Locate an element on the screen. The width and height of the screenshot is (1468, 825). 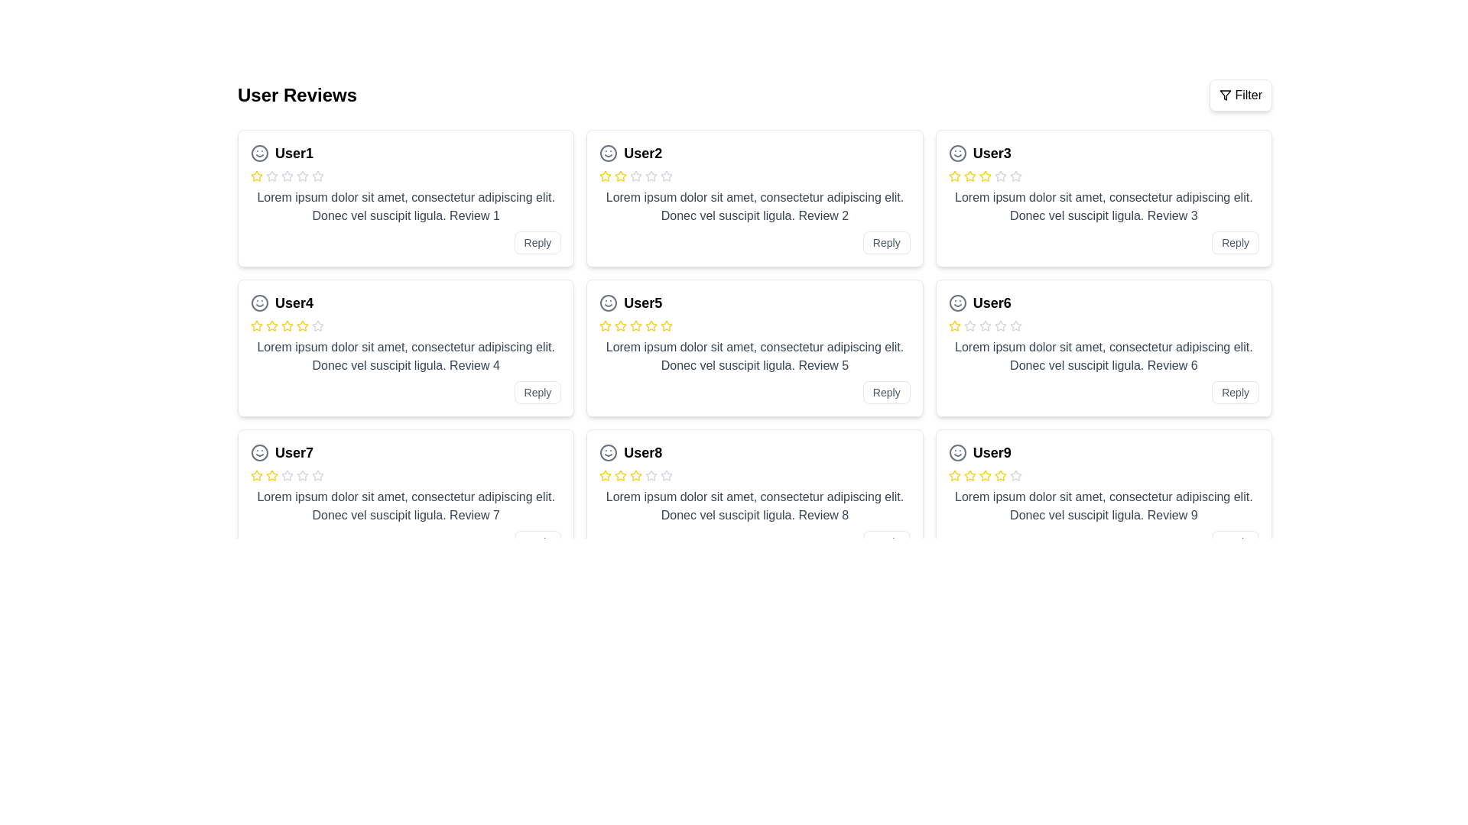
the second star icon in 'User6's review card to toggle the rating state is located at coordinates (985, 325).